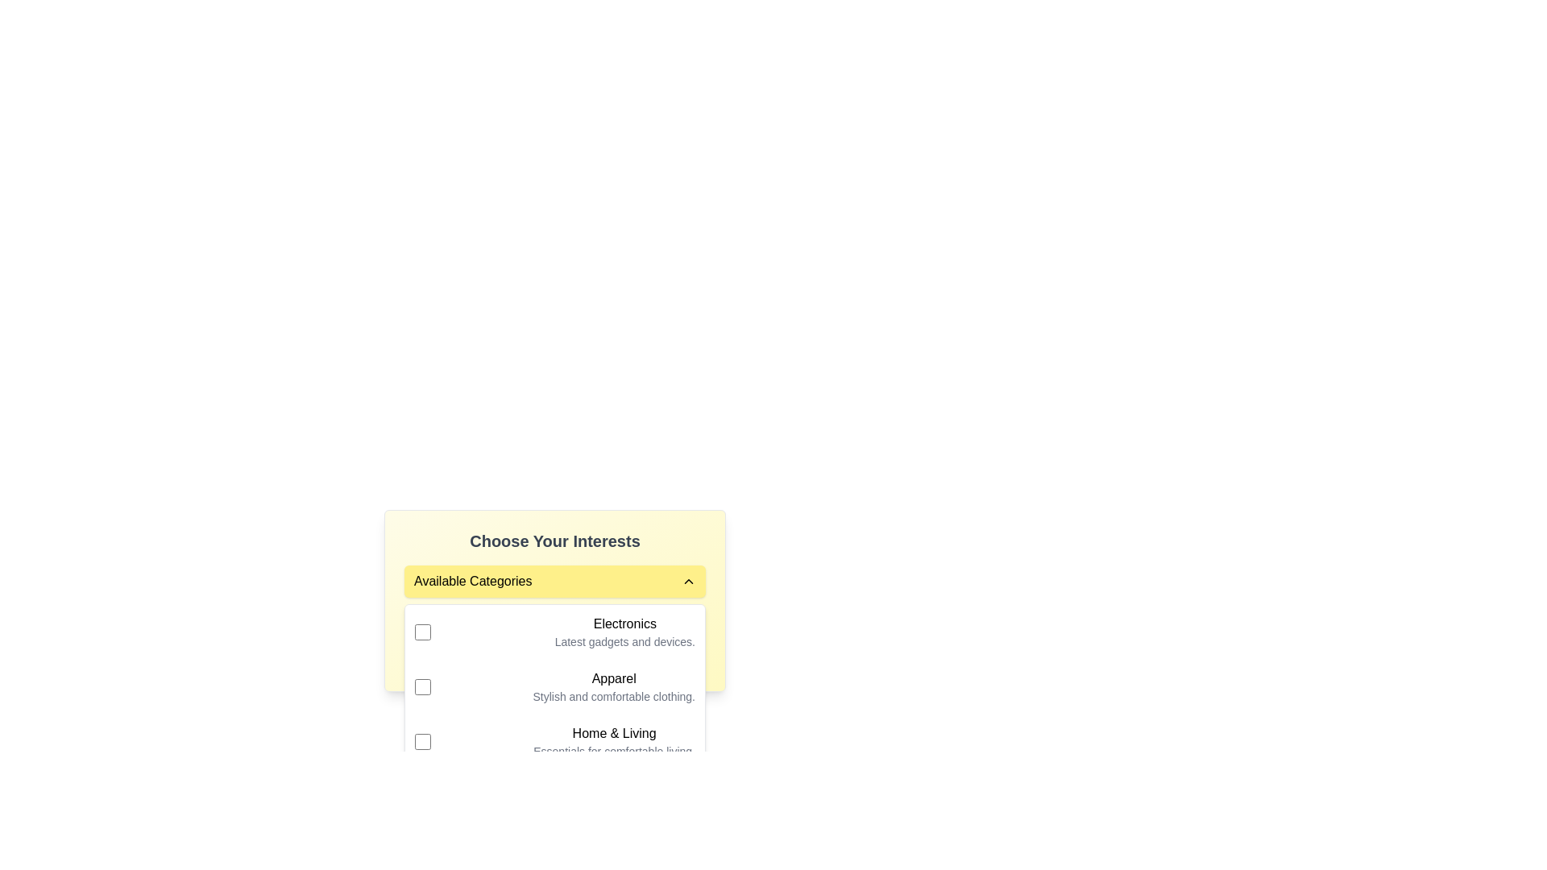 The height and width of the screenshot is (870, 1547). What do you see at coordinates (422, 742) in the screenshot?
I see `the checkbox styled as a square with a yellow border next to the 'Home & Living' text` at bounding box center [422, 742].